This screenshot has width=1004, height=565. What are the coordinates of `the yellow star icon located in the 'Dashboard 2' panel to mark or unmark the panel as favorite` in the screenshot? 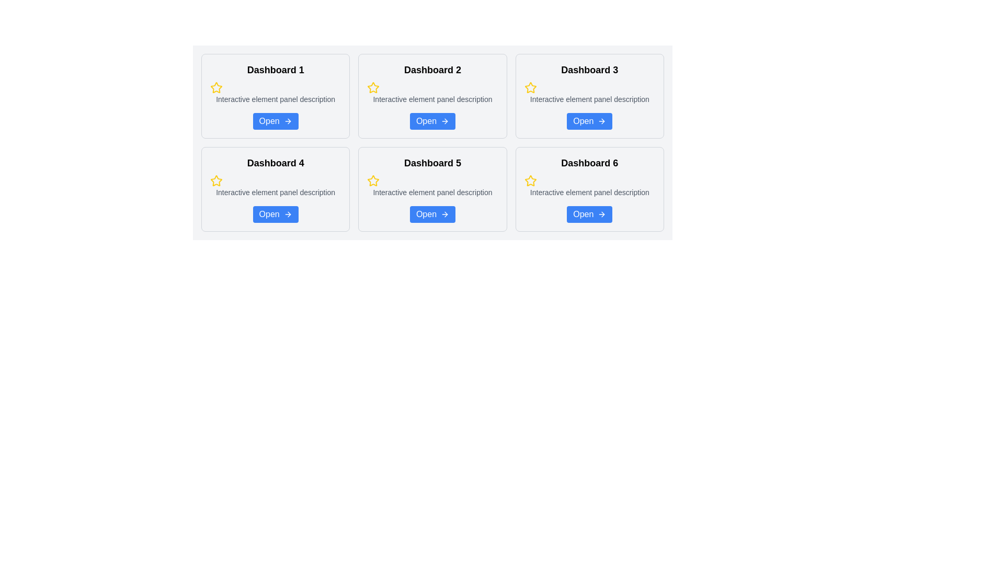 It's located at (373, 87).